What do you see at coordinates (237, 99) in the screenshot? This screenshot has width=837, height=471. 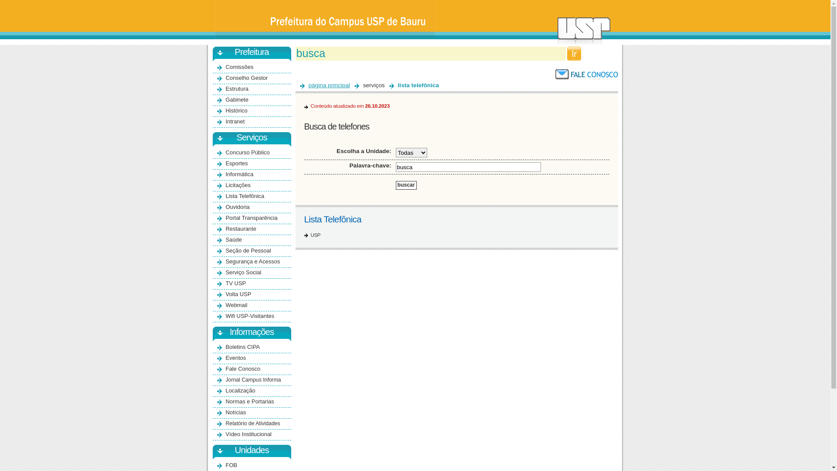 I see `'Gabinete'` at bounding box center [237, 99].